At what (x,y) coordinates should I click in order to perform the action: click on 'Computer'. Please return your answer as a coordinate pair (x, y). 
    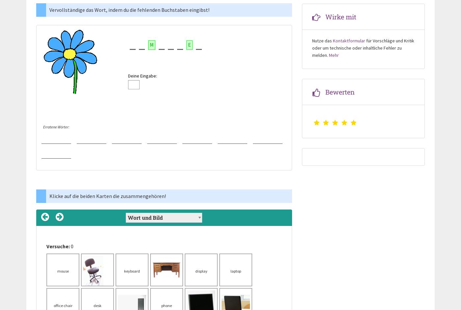
    Looking at the image, I should click on (235, 304).